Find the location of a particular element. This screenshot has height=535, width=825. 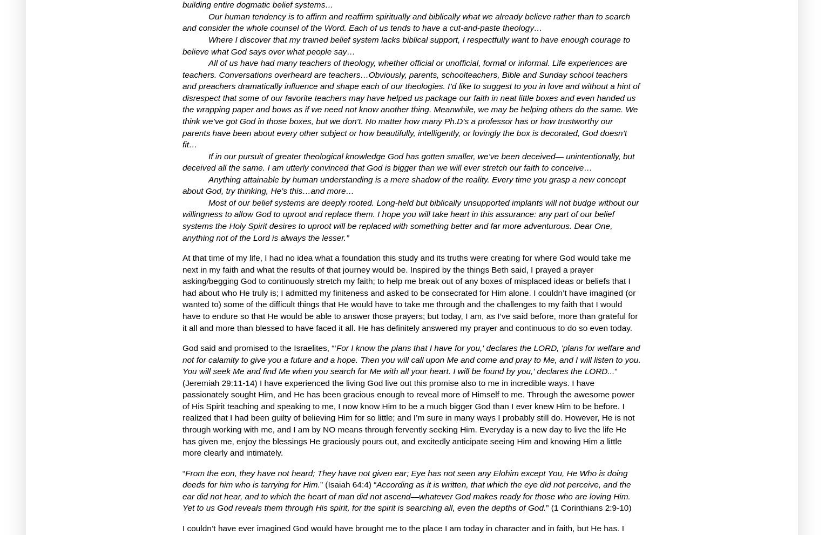

'Conversations overheard are teachers…Obviously, parents, schoolteachers, Bible and Sunday school teachers and preachers dramatically influence and shape each of our theologies.' is located at coordinates (404, 80).